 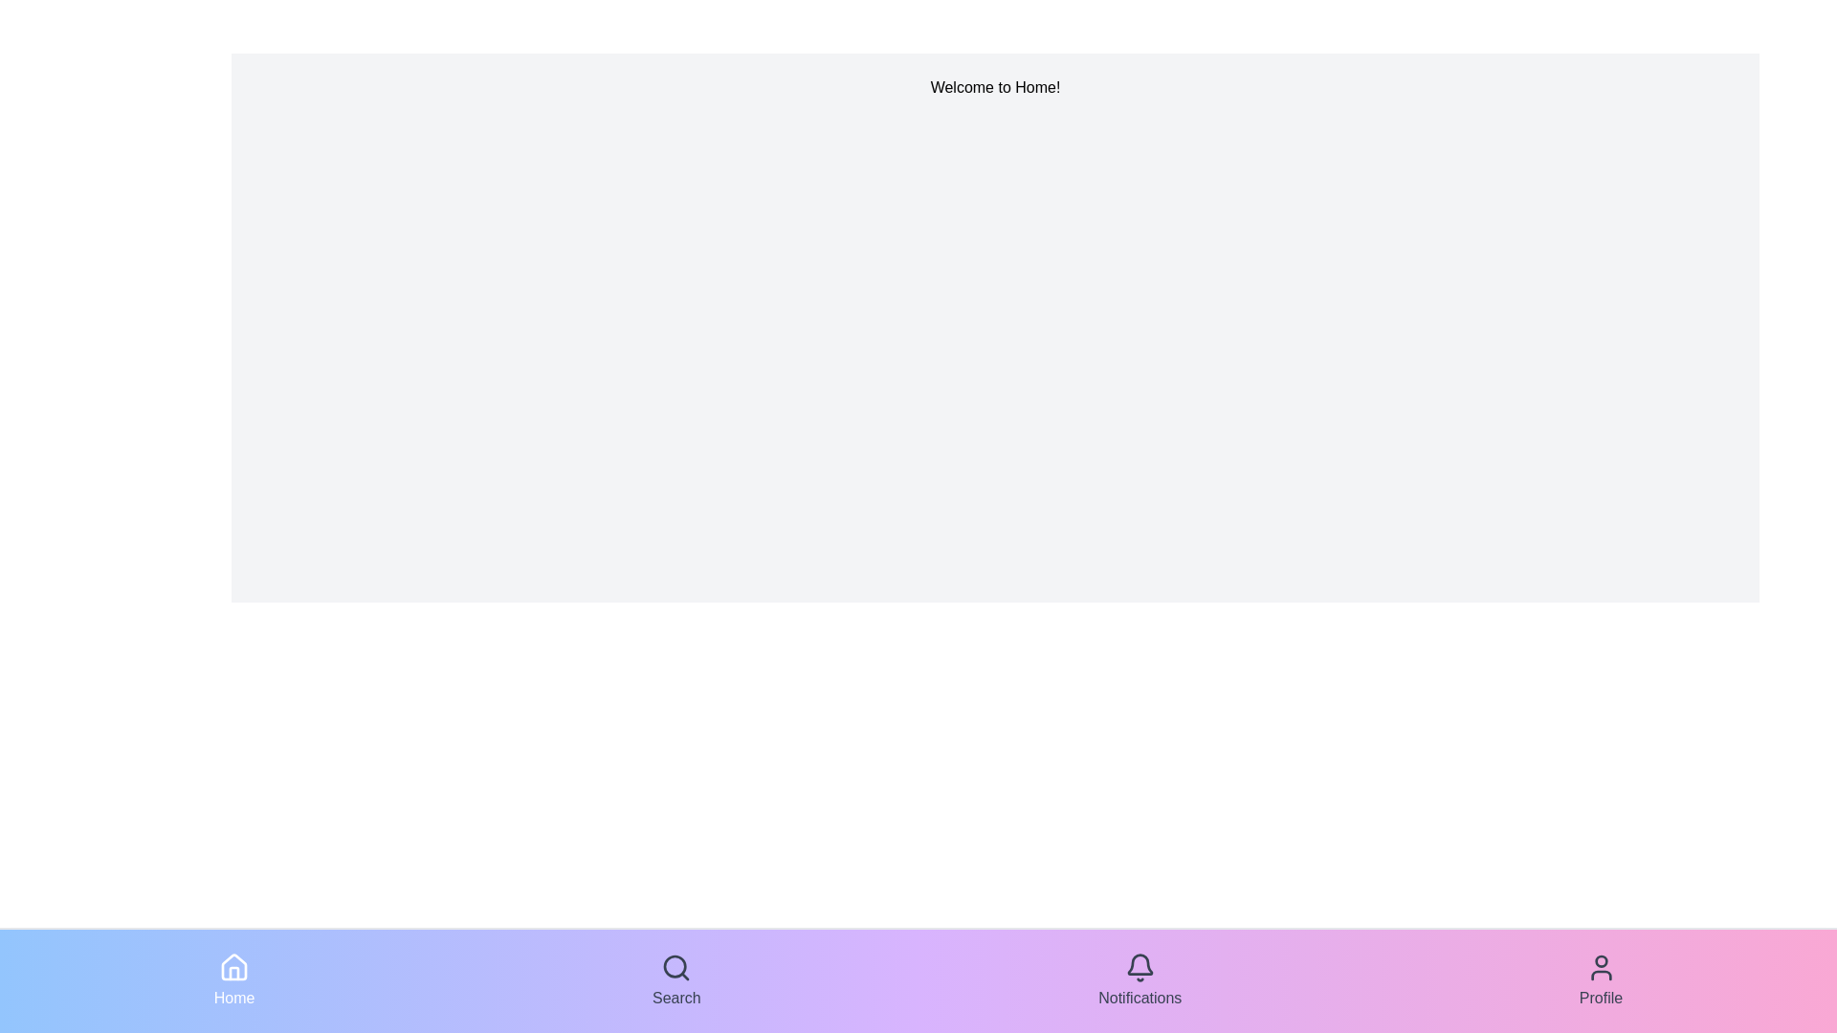 I want to click on the graphical decorative element located at the upper region of the profile icon, which is the rightmost icon in the bottom navigation bar, so click(x=1601, y=961).